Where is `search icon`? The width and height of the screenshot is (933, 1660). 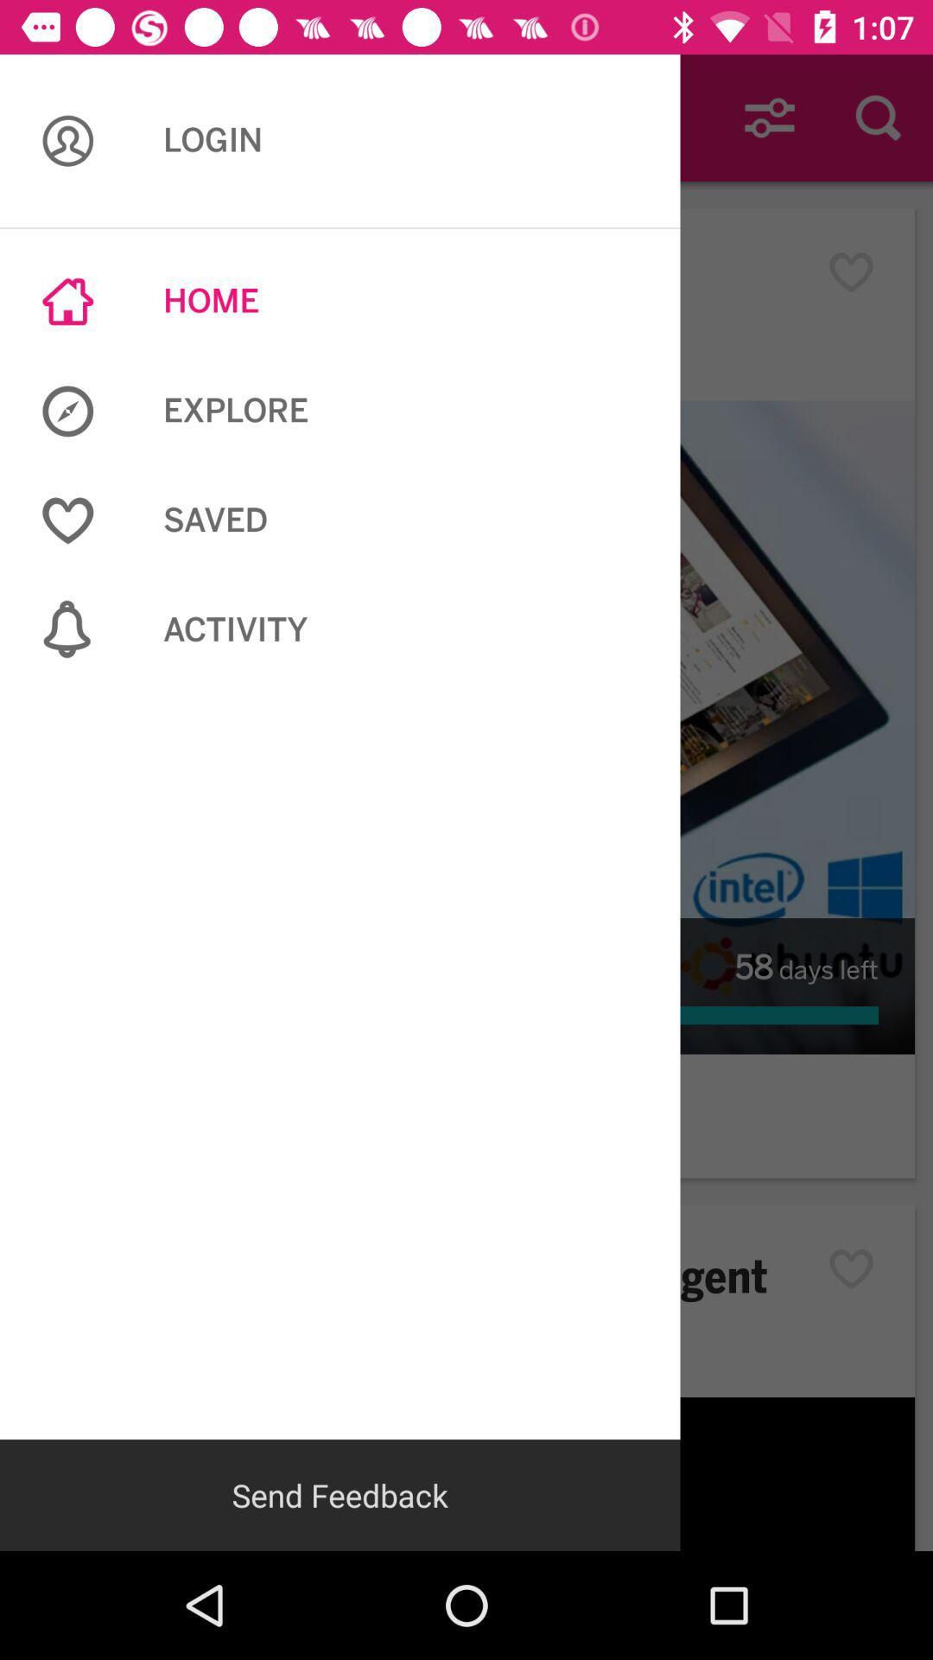 search icon is located at coordinates (879, 118).